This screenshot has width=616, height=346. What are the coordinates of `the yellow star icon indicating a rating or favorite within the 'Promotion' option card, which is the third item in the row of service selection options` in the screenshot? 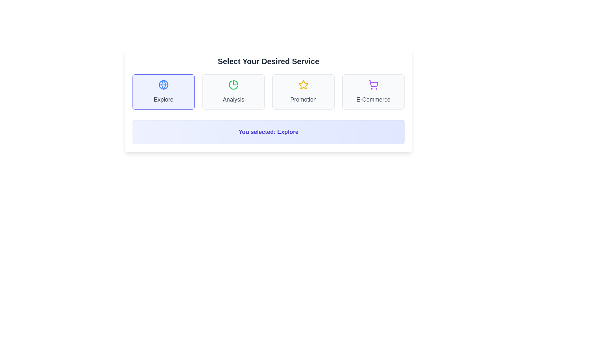 It's located at (303, 84).